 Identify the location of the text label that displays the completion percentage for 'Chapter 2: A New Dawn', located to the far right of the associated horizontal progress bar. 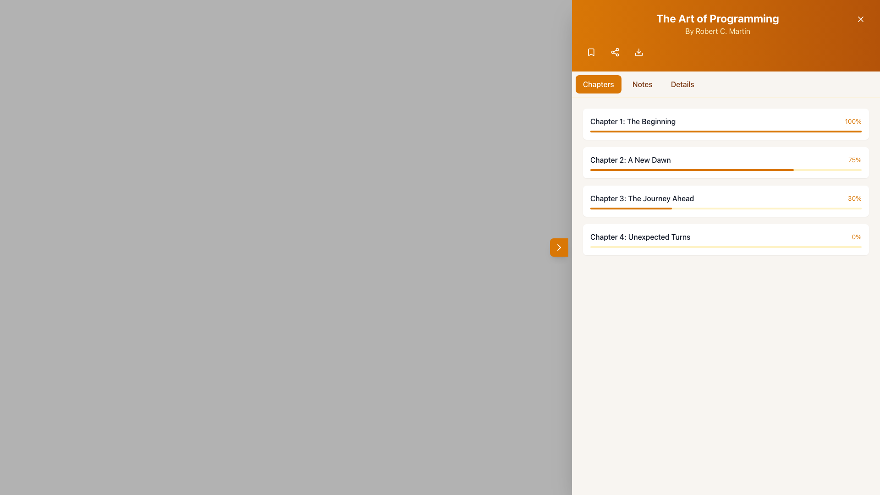
(854, 159).